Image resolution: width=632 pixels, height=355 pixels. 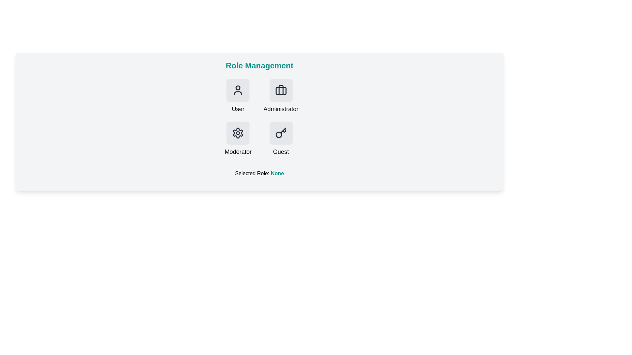 I want to click on static text label that displays 'None', styled with a bold font and teal color, located to the right of the prompt 'Selected Role:' at the center-bottom of the interface, so click(x=277, y=173).